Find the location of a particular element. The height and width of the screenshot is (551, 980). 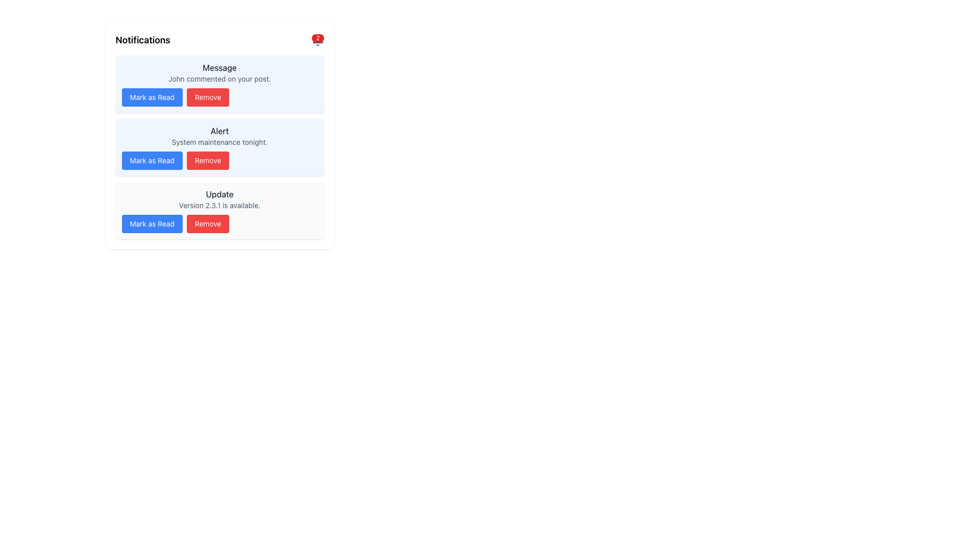

the 'Mark as Read' button, which is a blue rectangular button with rounded corners located in the third notification card titled 'Update' is located at coordinates (152, 223).